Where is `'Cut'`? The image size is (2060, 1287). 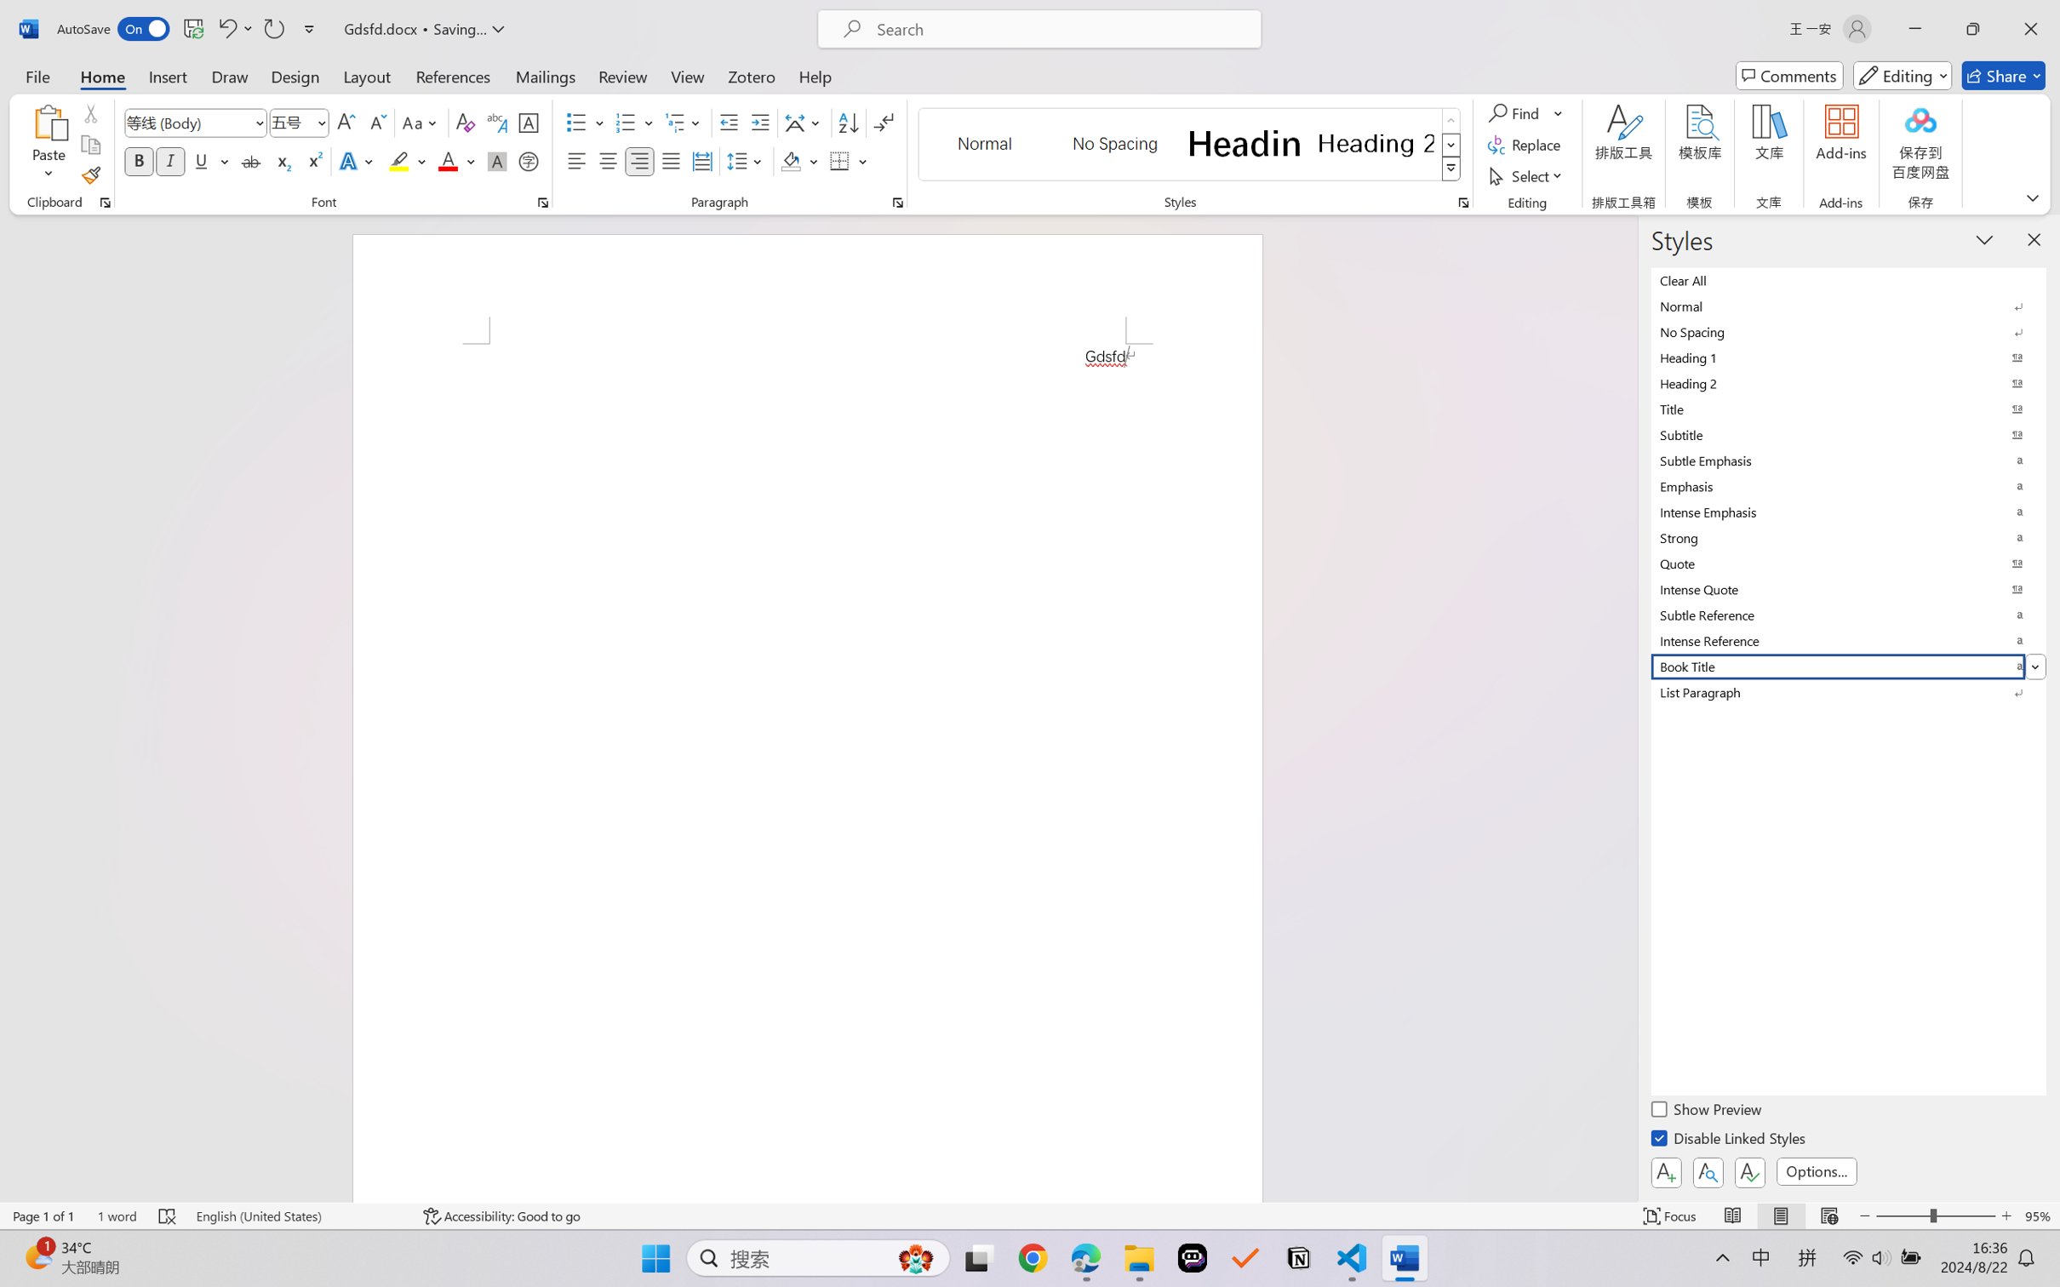
'Cut' is located at coordinates (89, 112).